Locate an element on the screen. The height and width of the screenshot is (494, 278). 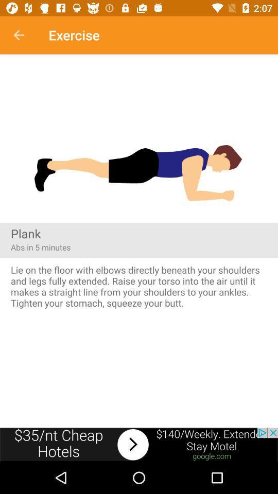
click hotel advertisement is located at coordinates (139, 444).